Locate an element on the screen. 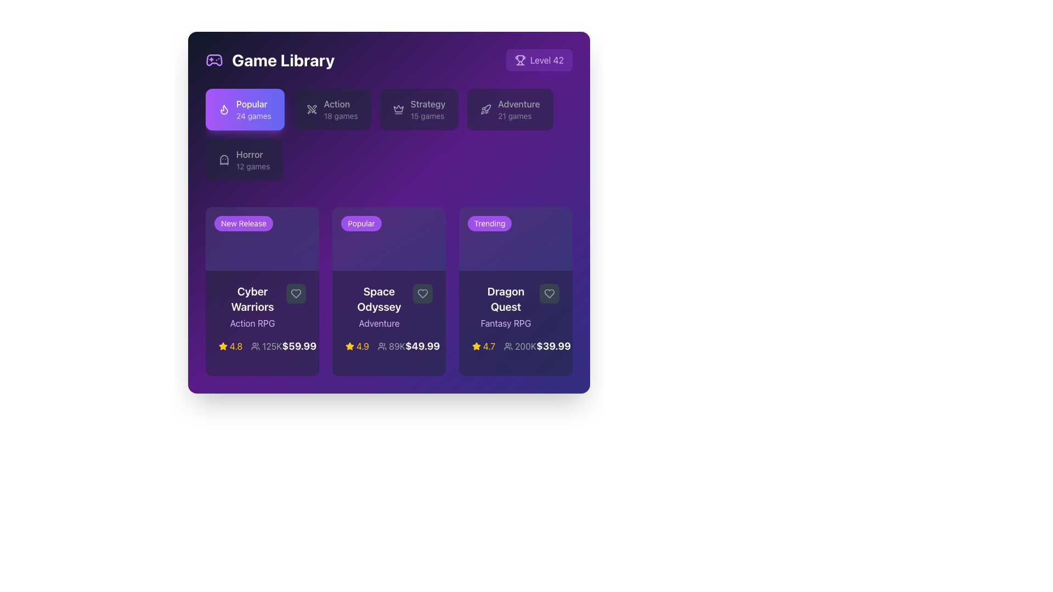 The height and width of the screenshot is (592, 1053). the text element displaying the numerical rating value for the game 'Dragon Quest' is located at coordinates (489, 346).